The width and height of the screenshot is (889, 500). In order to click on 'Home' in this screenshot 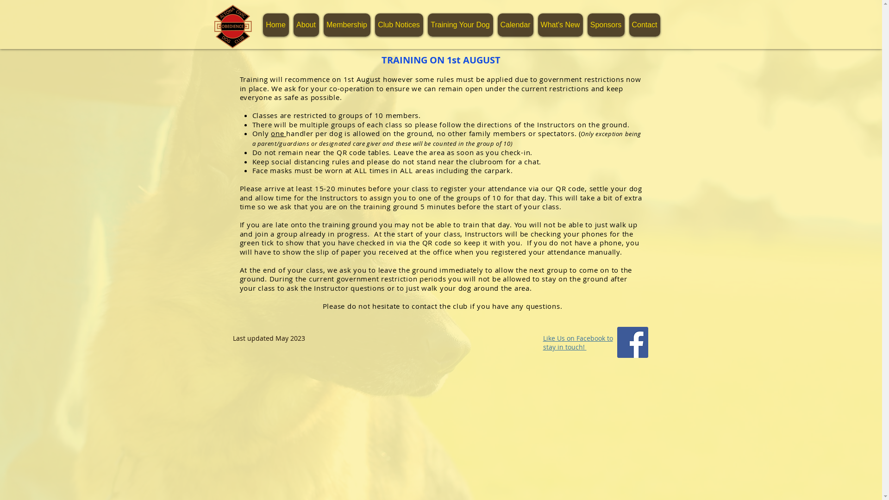, I will do `click(275, 25)`.